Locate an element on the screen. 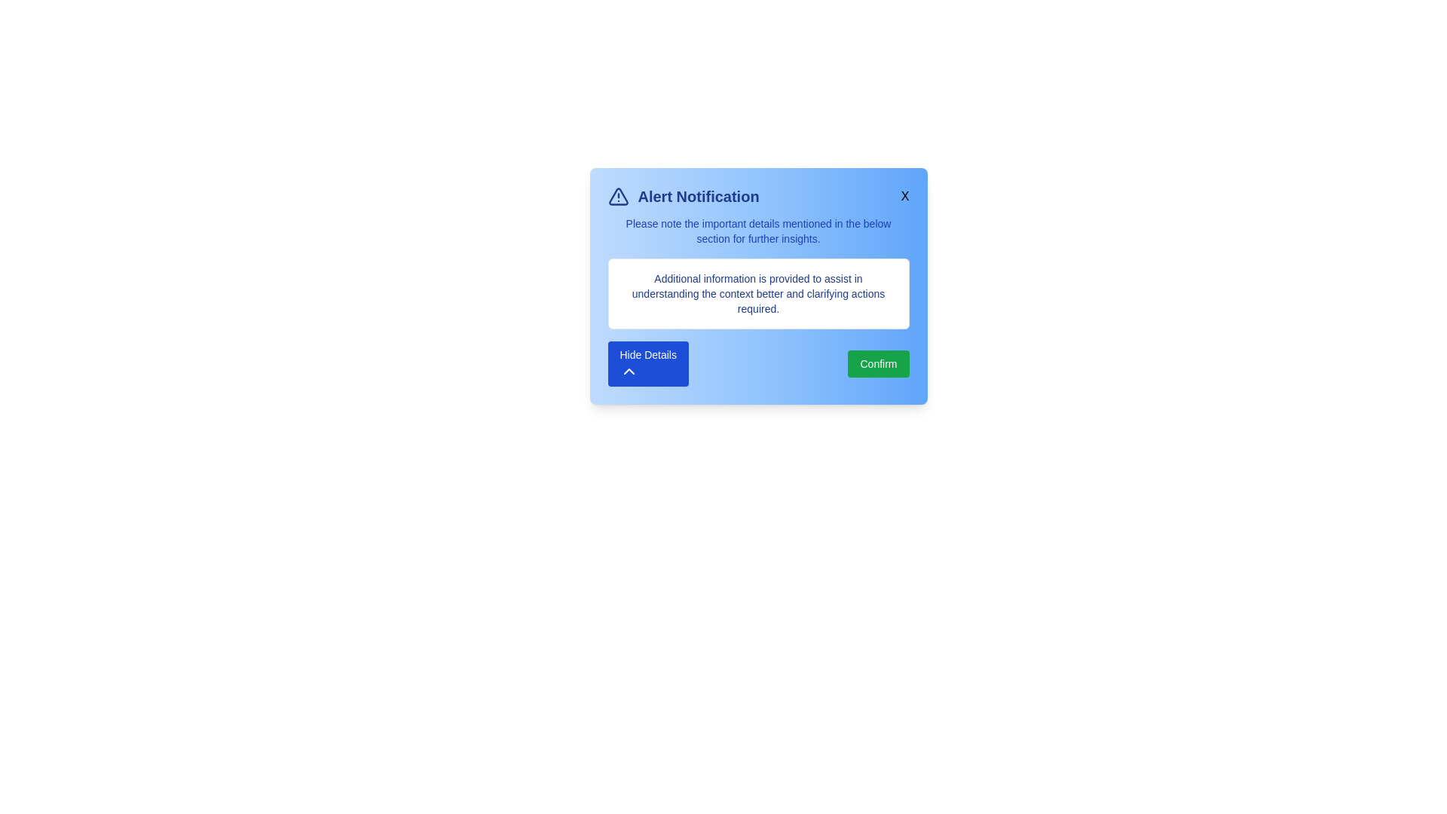 The height and width of the screenshot is (814, 1447). the Confirm button to trigger the confirmation action is located at coordinates (879, 363).